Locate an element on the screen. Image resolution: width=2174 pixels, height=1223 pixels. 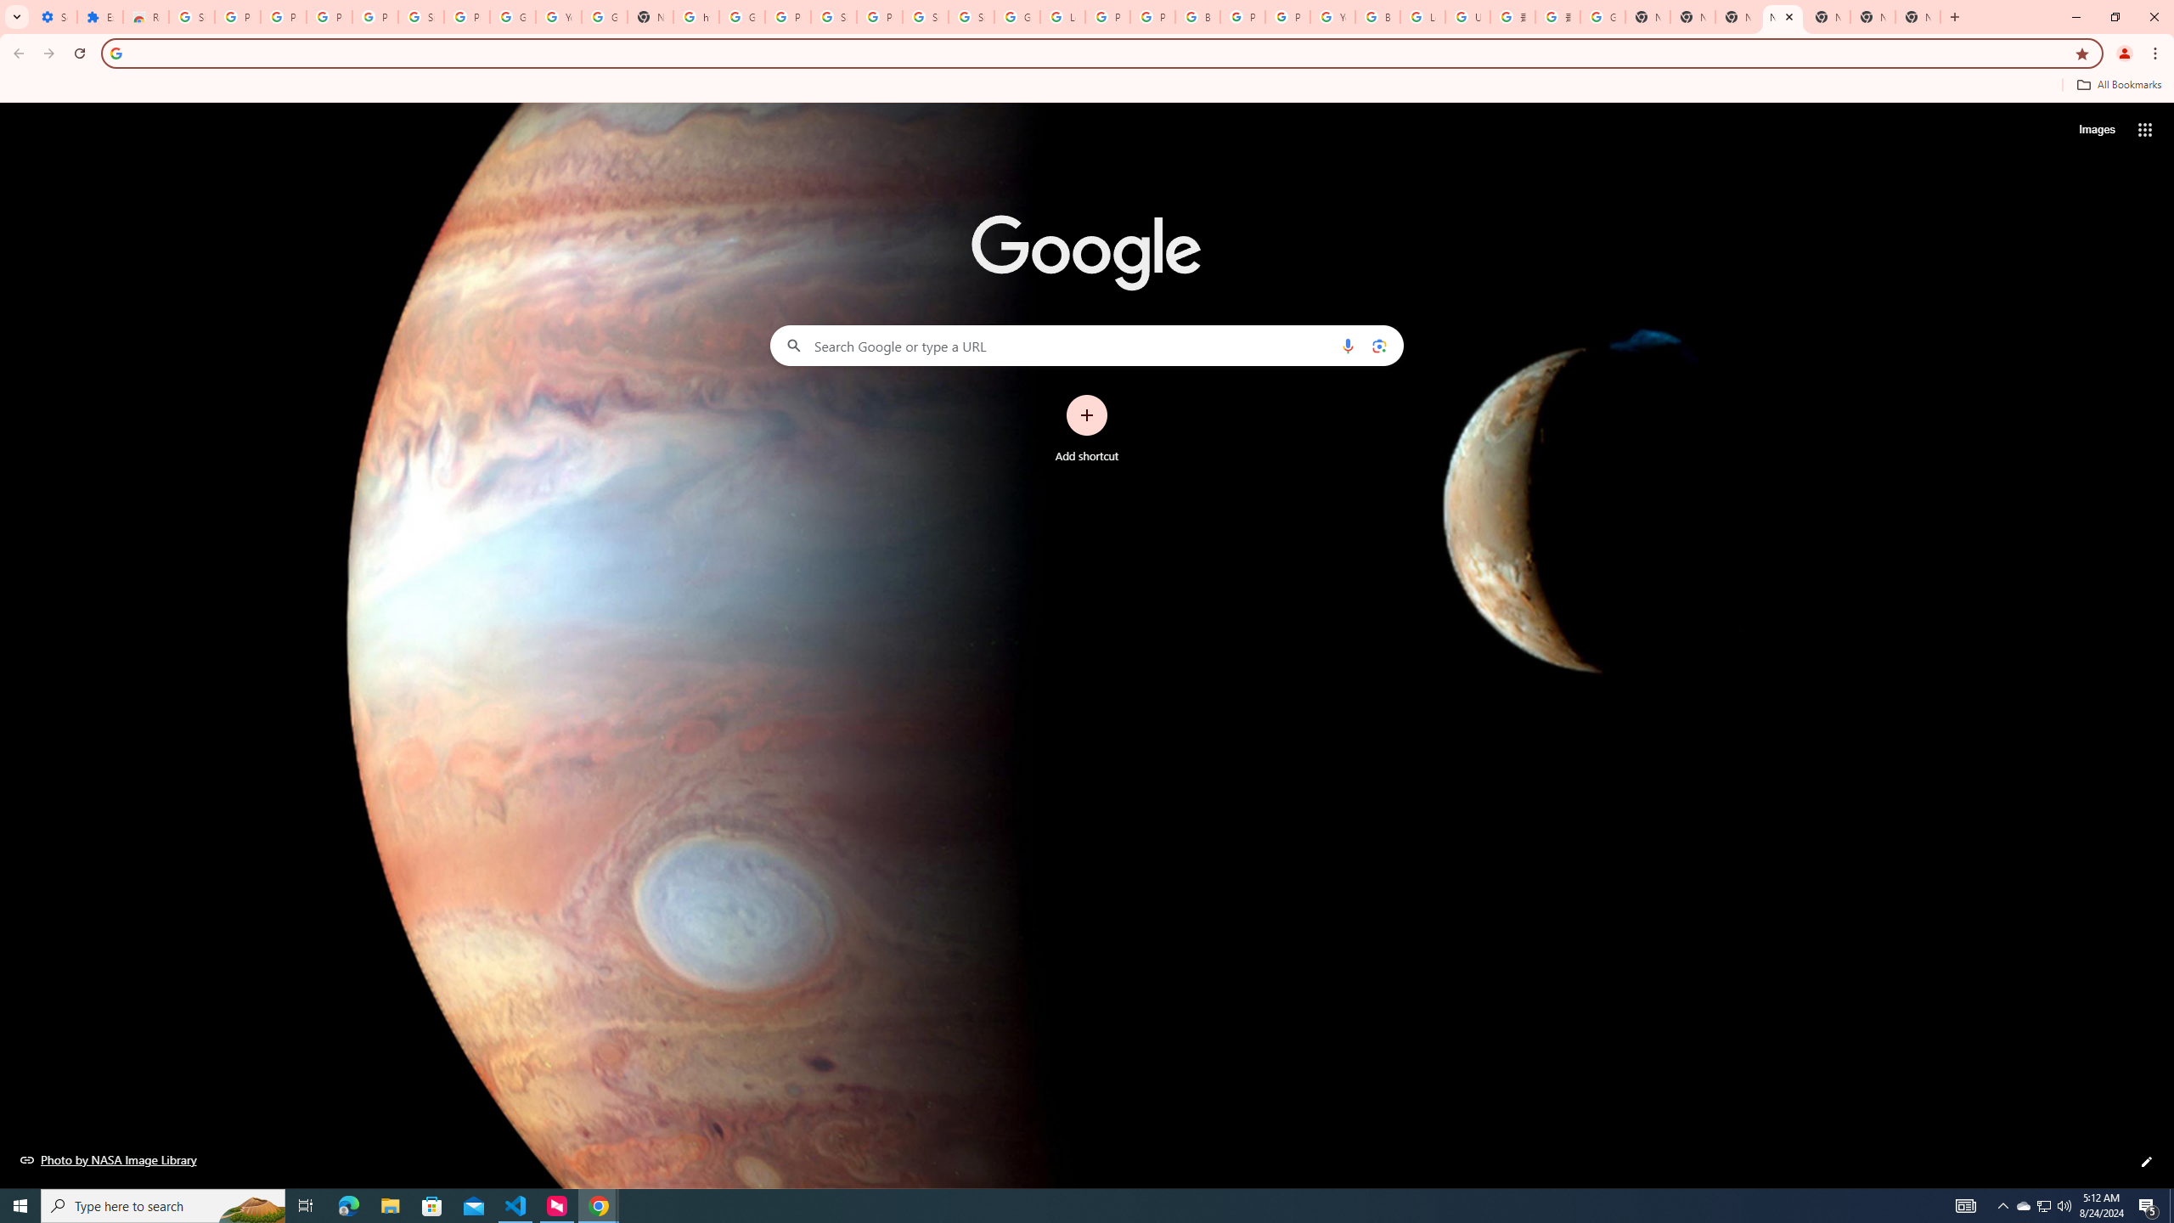
'Reviews: Helix Fruit Jump Arcade Game' is located at coordinates (145, 16).